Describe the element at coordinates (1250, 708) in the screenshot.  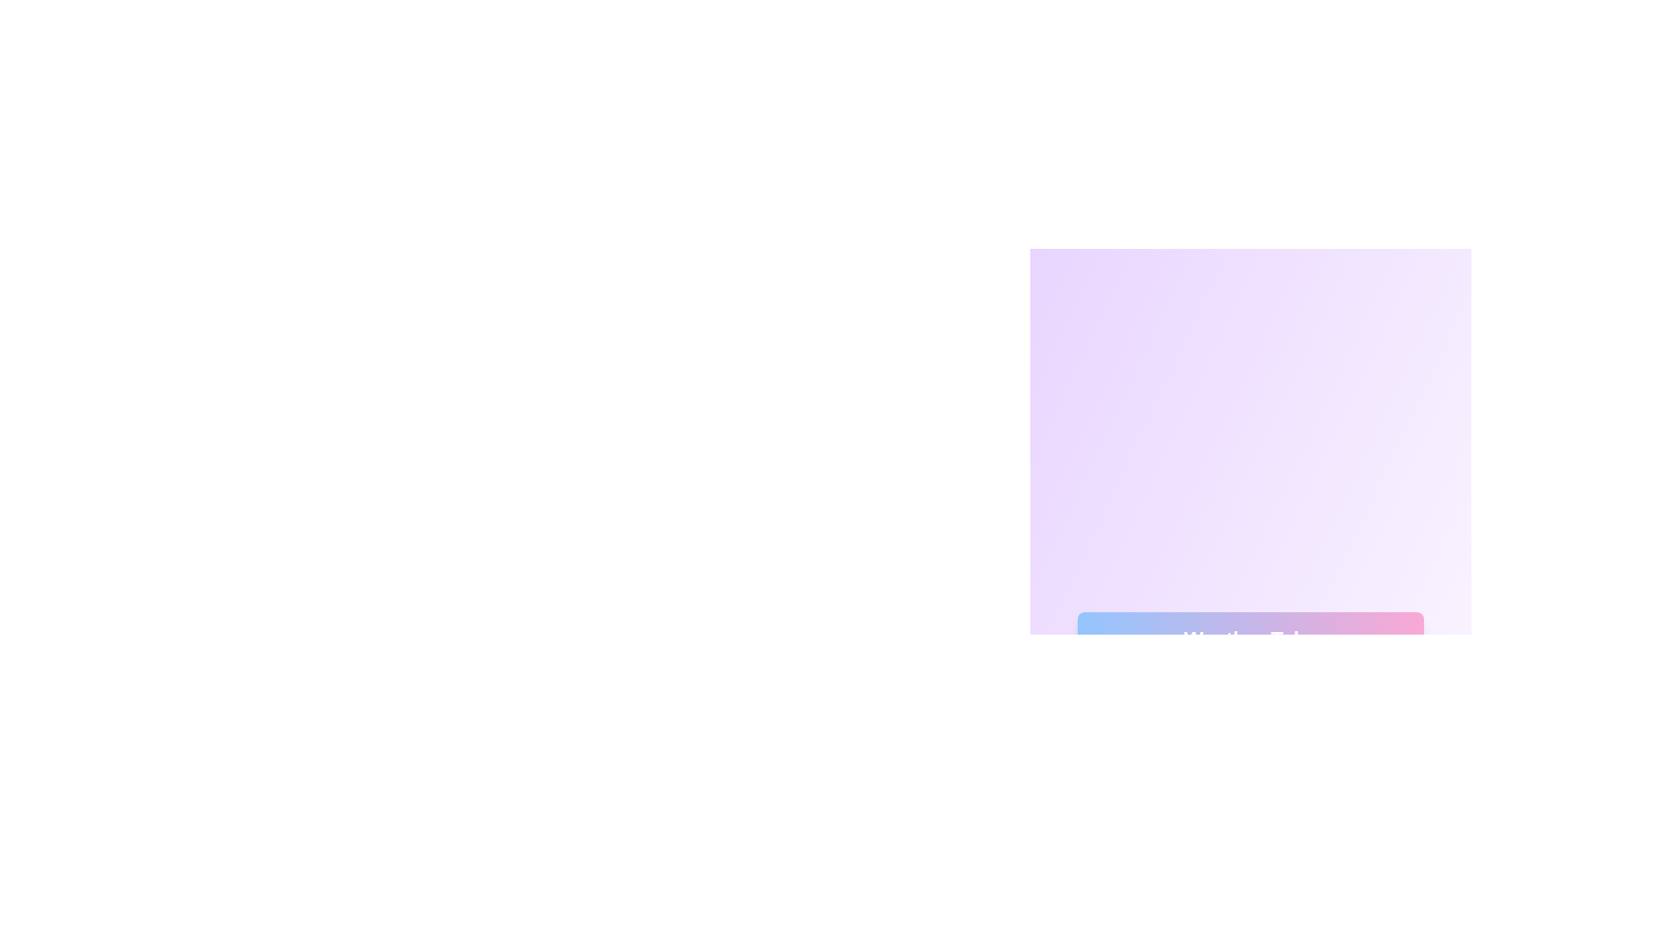
I see `the weather condition by clicking on the corresponding tab: Night` at that location.